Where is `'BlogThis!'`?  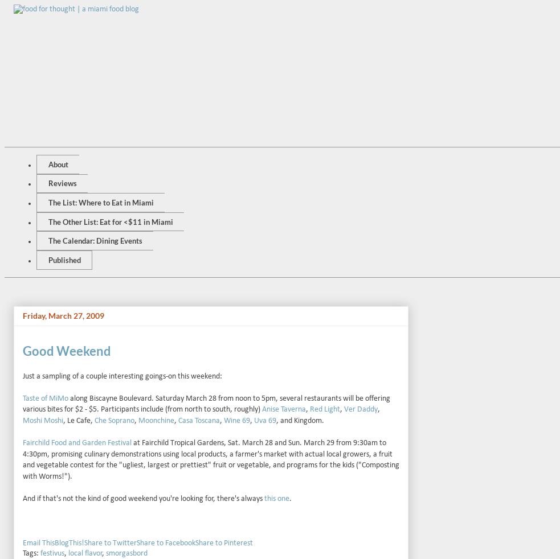 'BlogThis!' is located at coordinates (68, 543).